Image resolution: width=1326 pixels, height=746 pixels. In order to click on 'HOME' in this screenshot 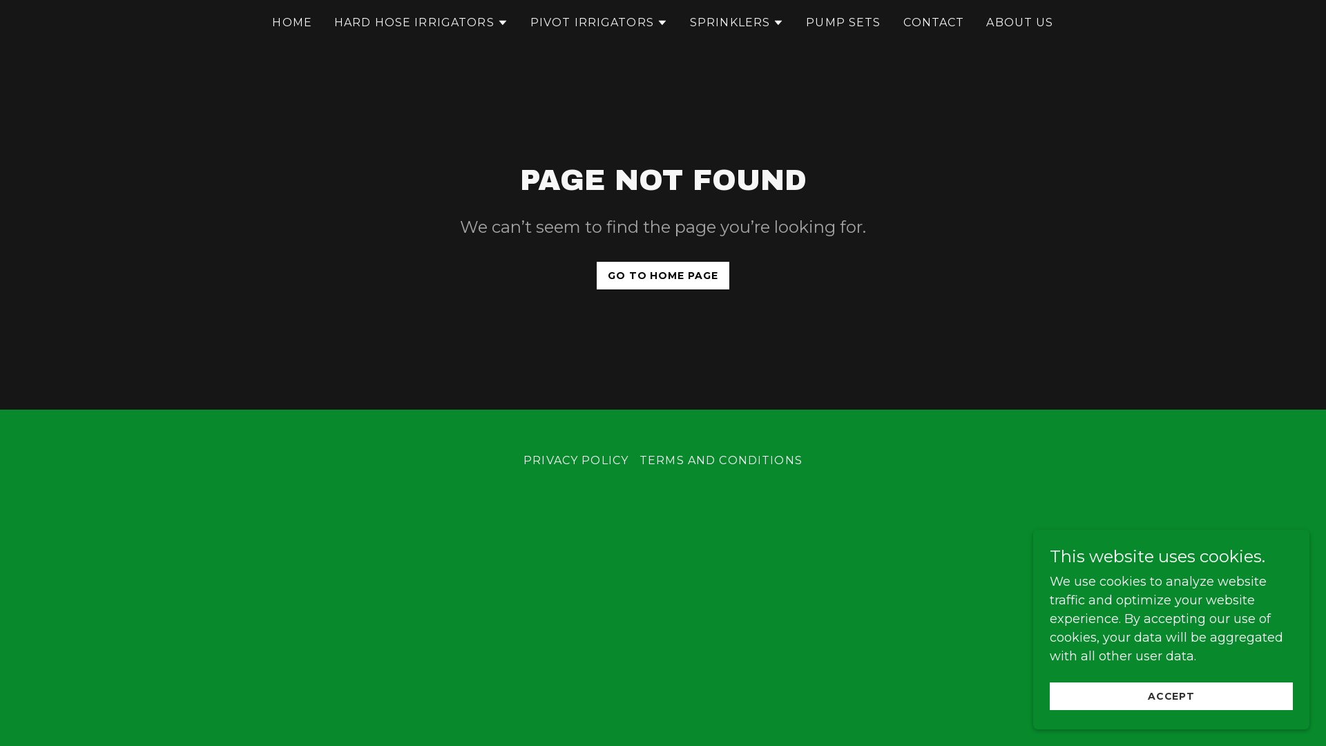, I will do `click(291, 23)`.